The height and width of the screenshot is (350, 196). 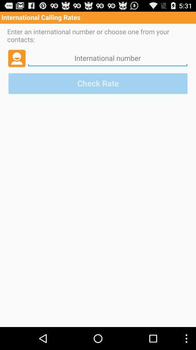 What do you see at coordinates (17, 58) in the screenshot?
I see `icon above the check rate` at bounding box center [17, 58].